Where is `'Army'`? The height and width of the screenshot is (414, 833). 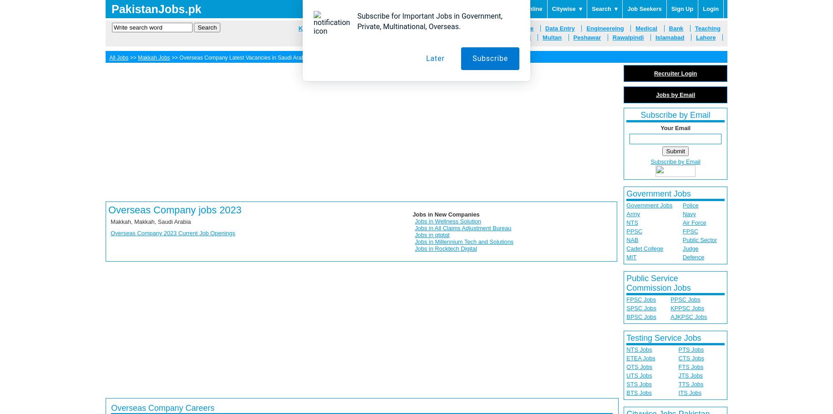 'Army' is located at coordinates (633, 213).